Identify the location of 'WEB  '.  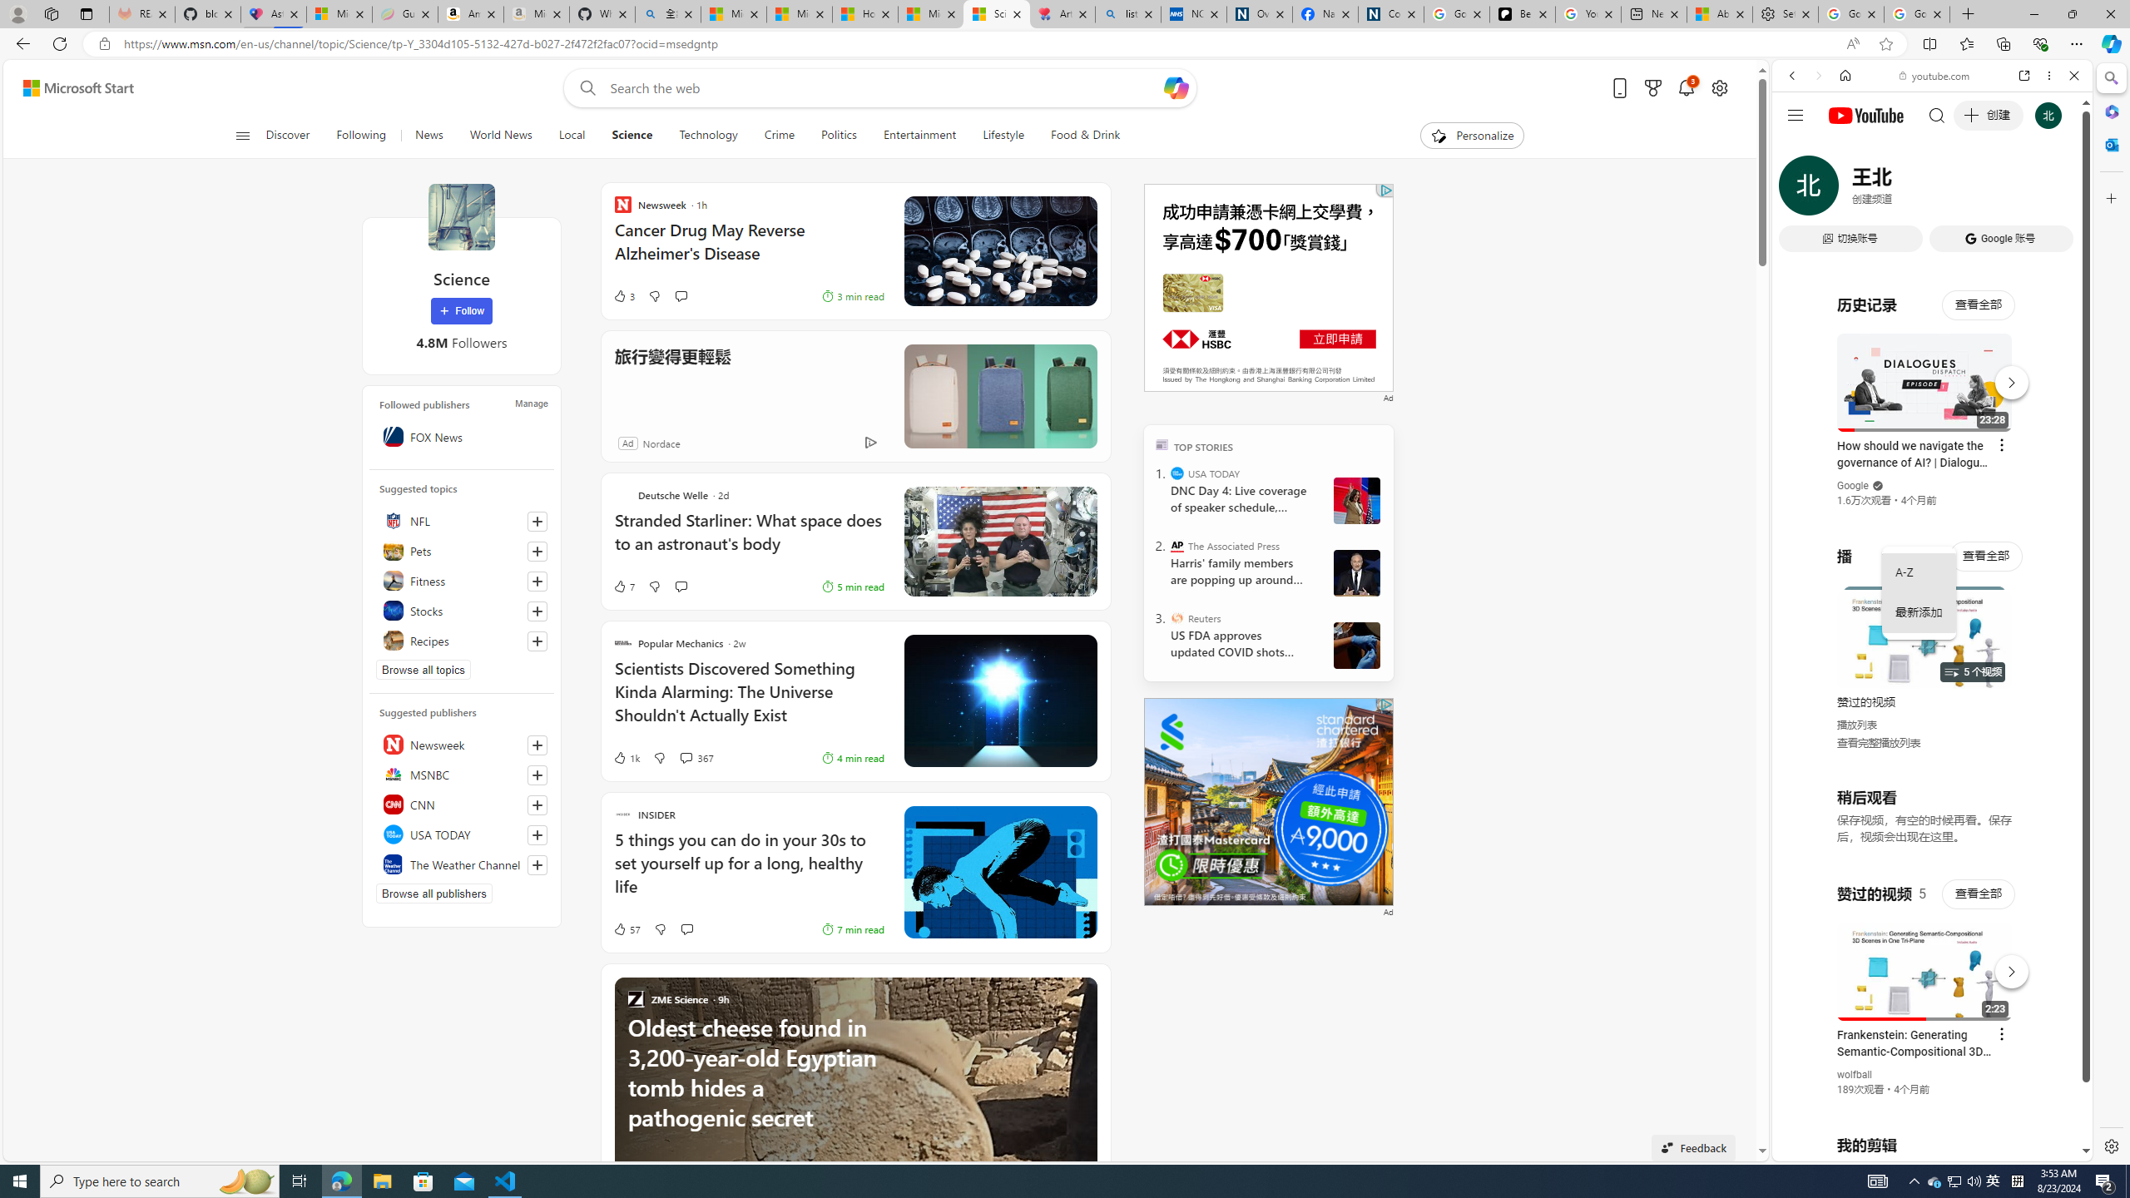
(1799, 191).